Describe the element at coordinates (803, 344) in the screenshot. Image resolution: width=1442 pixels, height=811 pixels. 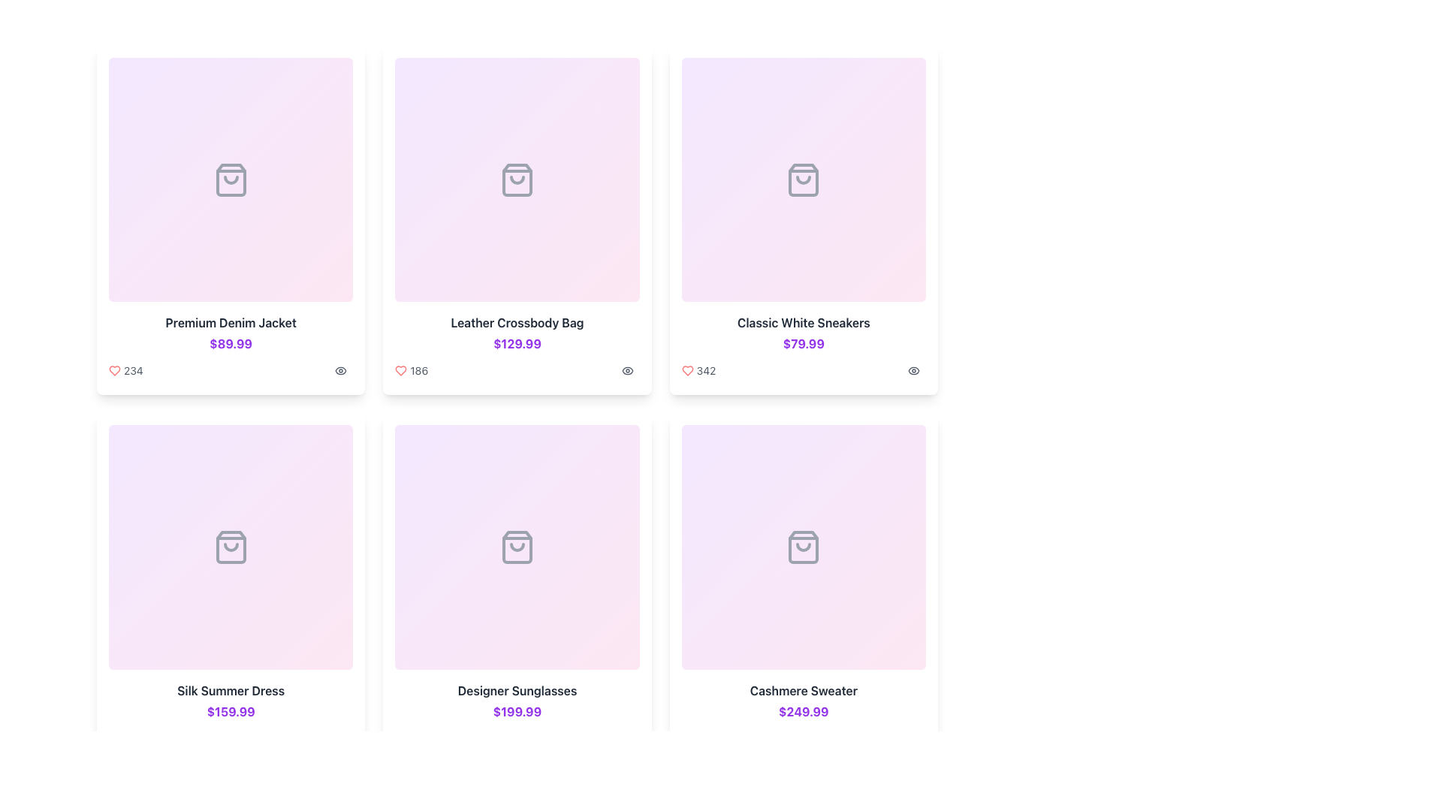
I see `the bold, purple text displaying the price ('$79.99') located within the card for 'Classic White Sneakers', positioned directly below the product name text` at that location.